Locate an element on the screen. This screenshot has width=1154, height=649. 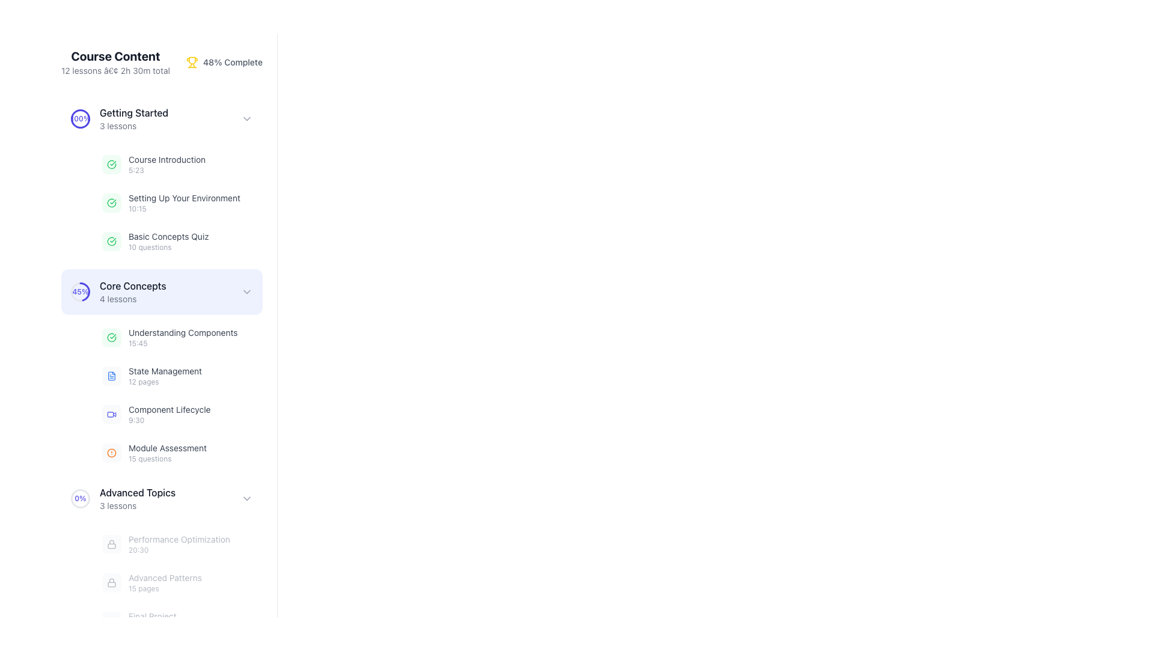
the header element for the 'Getting Started' module in the course content list is located at coordinates (134, 118).